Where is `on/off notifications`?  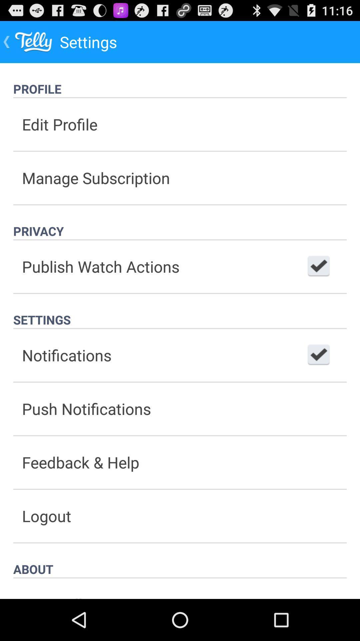
on/off notifications is located at coordinates (318, 355).